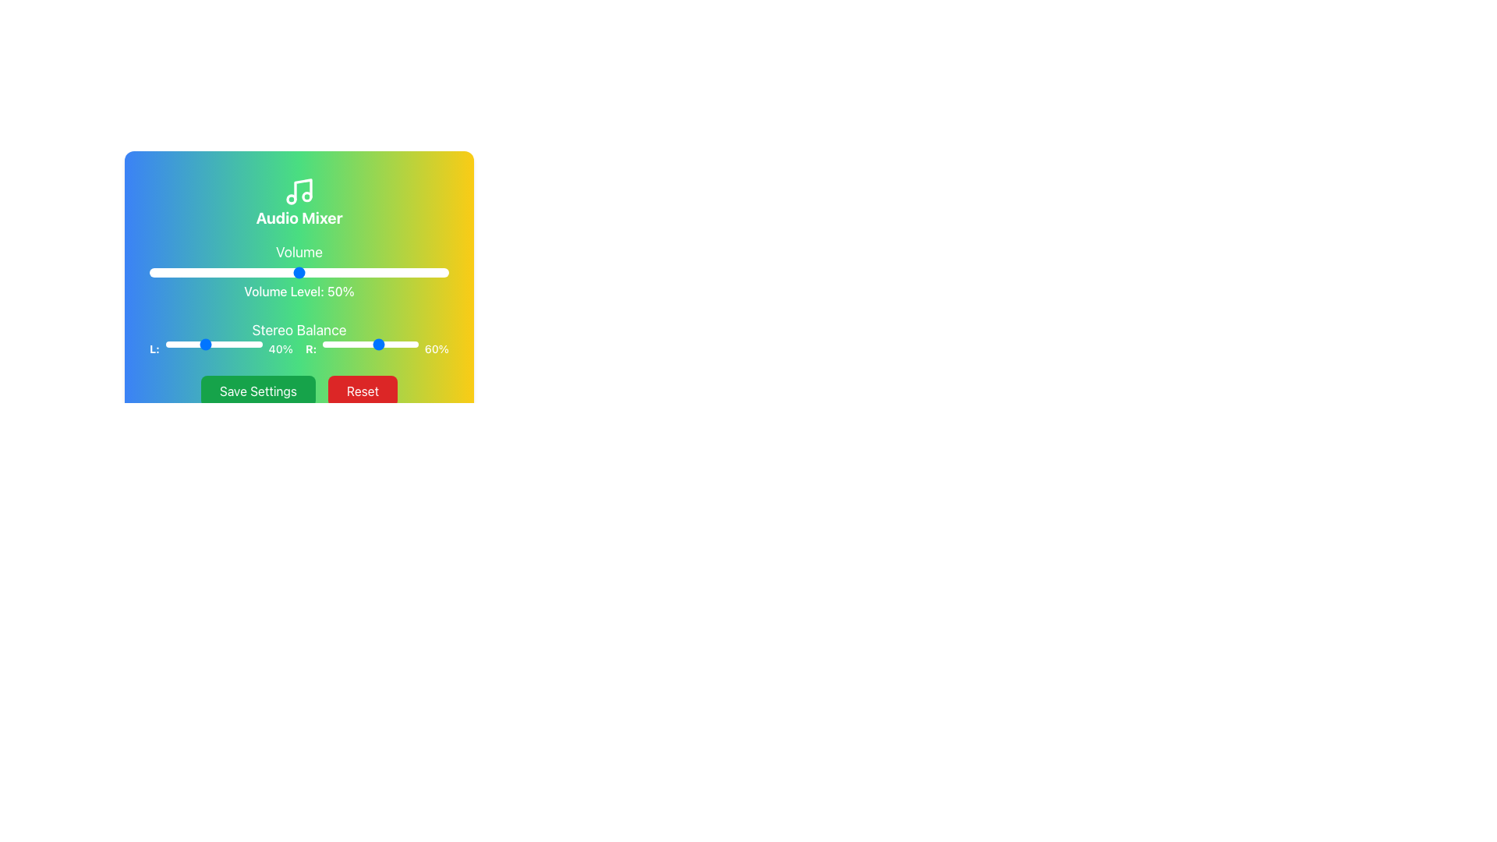  What do you see at coordinates (352, 344) in the screenshot?
I see `the stereo balance` at bounding box center [352, 344].